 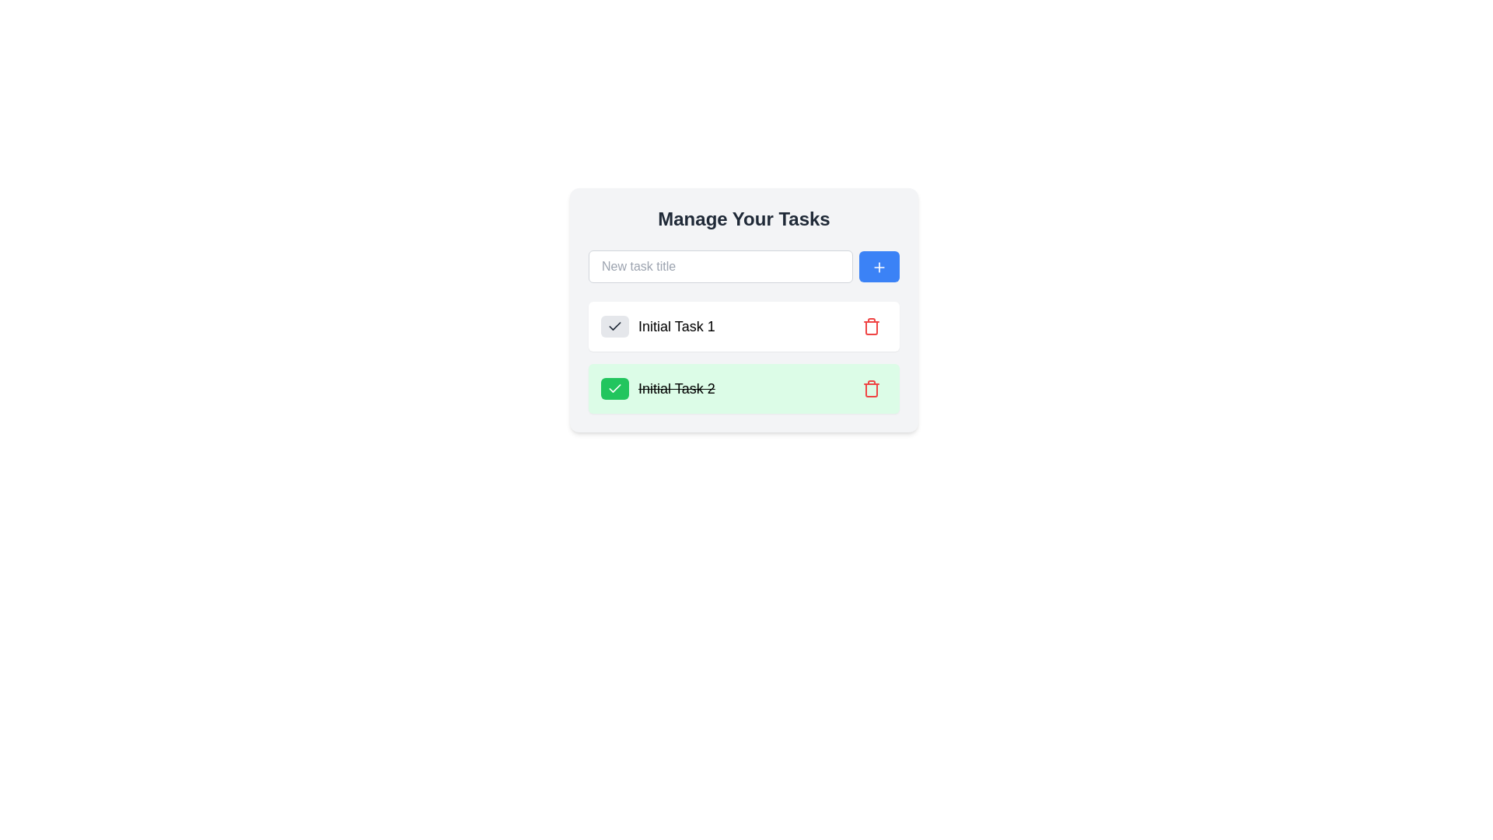 I want to click on the green button with a white checkmark icon, located to the left of the text 'Initial Task 2', so click(x=614, y=388).